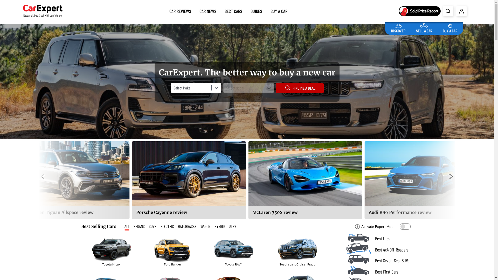 The width and height of the screenshot is (498, 280). Describe the element at coordinates (180, 10) in the screenshot. I see `'CAR REVIEWS'` at that location.